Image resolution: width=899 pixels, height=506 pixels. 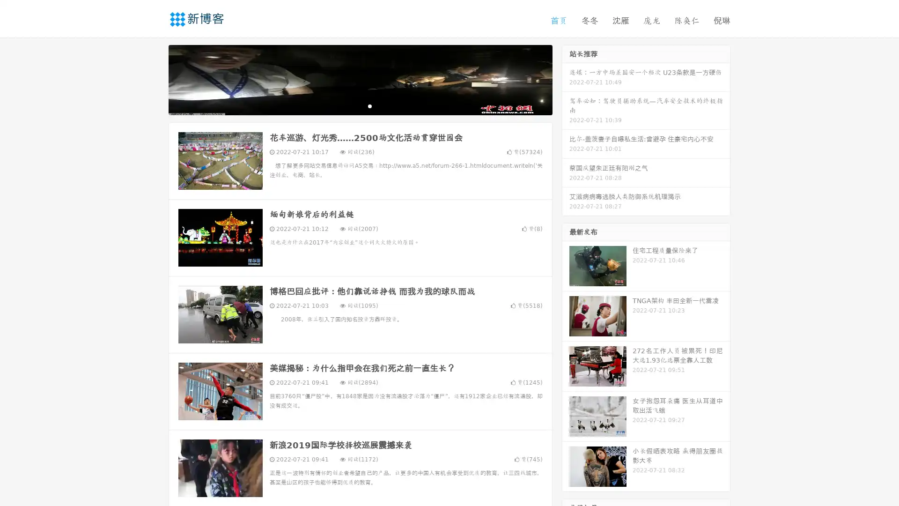 What do you see at coordinates (369, 105) in the screenshot?
I see `Go to slide 3` at bounding box center [369, 105].